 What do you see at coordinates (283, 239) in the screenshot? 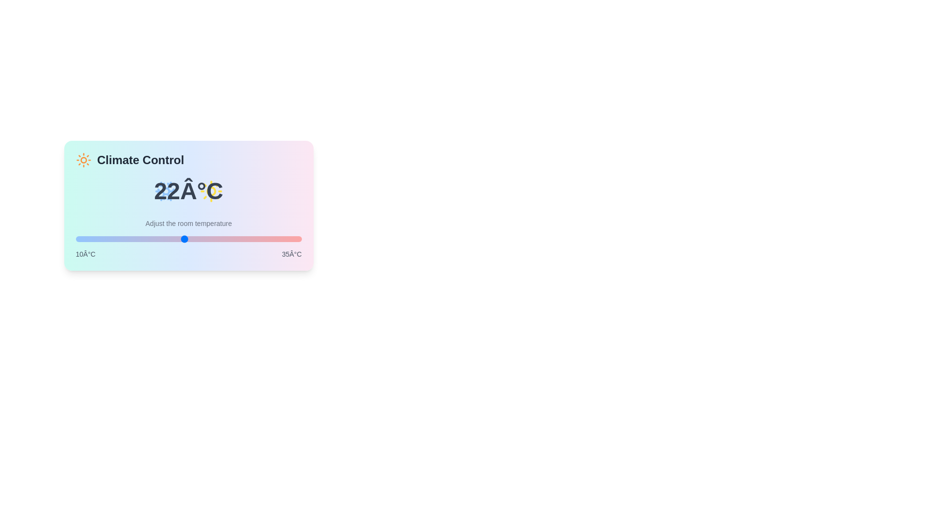
I see `the temperature to 33°C using the slider` at bounding box center [283, 239].